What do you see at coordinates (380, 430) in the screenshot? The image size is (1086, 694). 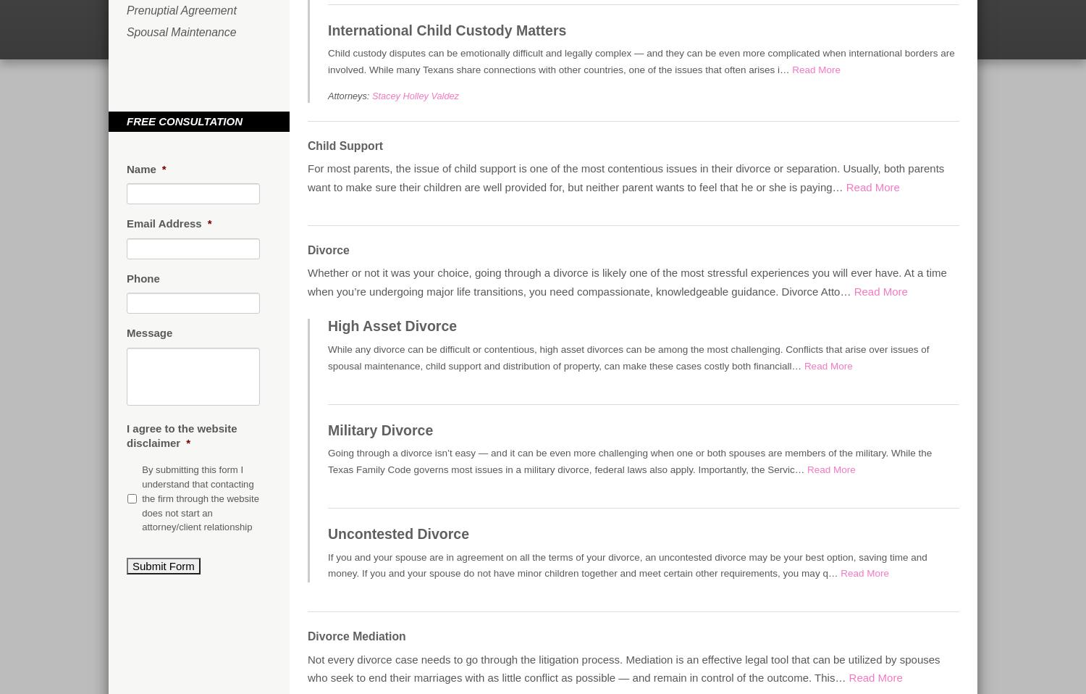 I see `'Military Divorce'` at bounding box center [380, 430].